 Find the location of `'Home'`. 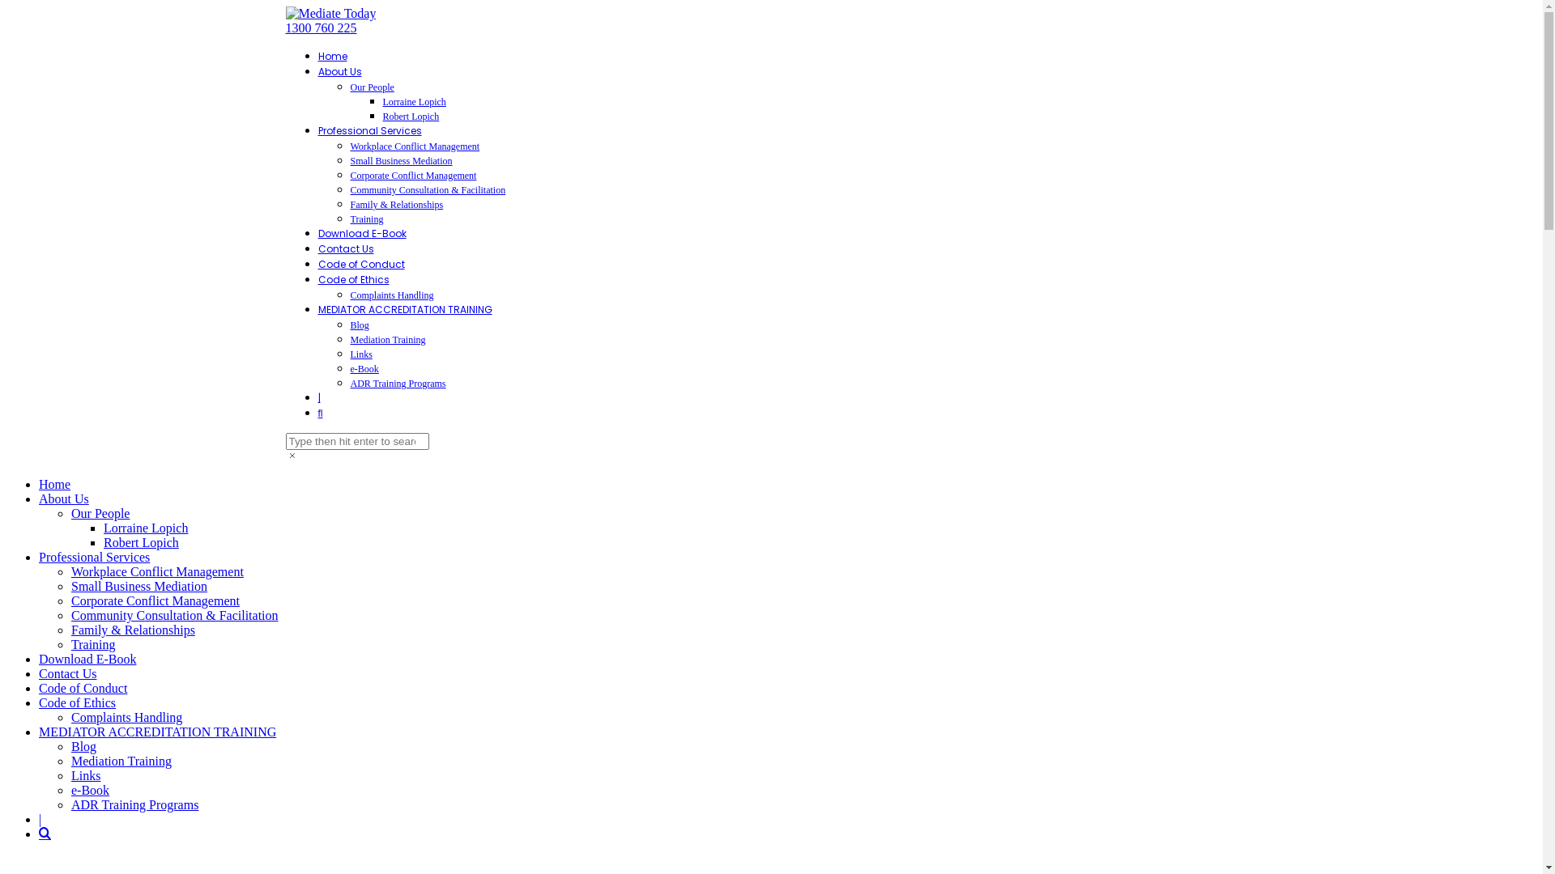

'Home' is located at coordinates (54, 483).